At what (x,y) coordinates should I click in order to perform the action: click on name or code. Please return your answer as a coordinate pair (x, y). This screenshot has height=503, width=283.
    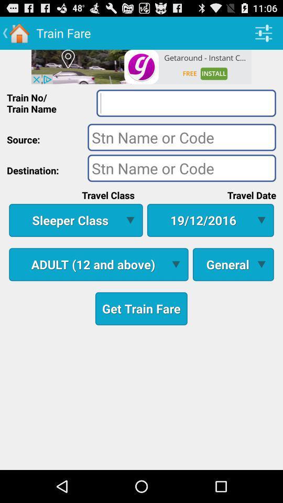
    Looking at the image, I should click on (181, 136).